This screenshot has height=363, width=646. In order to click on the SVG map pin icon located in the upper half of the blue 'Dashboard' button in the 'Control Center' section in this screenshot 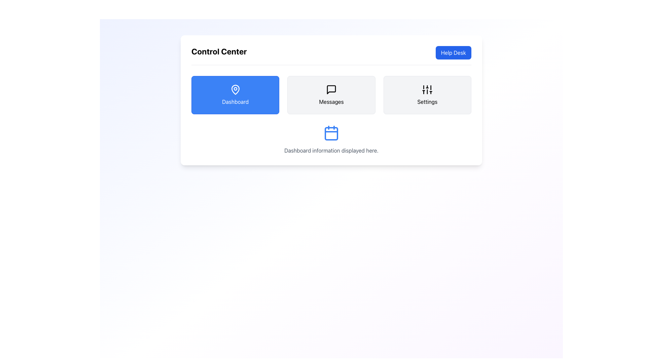, I will do `click(235, 89)`.